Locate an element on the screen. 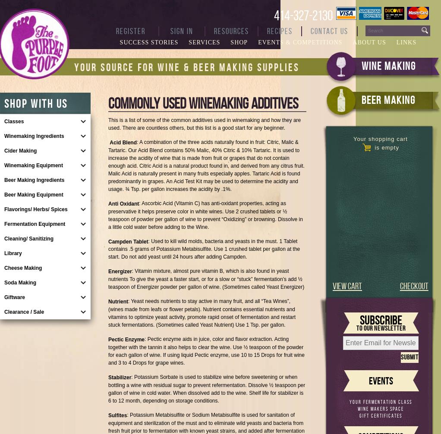 This screenshot has width=441, height=434. ': Ascorbic Acid (Vitamin C) has anti-oxidant properties, acting as preservative it helps preserve color in white wines. Use 2 crushed tablets or ½ teaspoon of powder per gallon of wine to prevent “Oxidizing” or browning. Dissolve in a little cold water before adding to the Wine.' is located at coordinates (205, 215).